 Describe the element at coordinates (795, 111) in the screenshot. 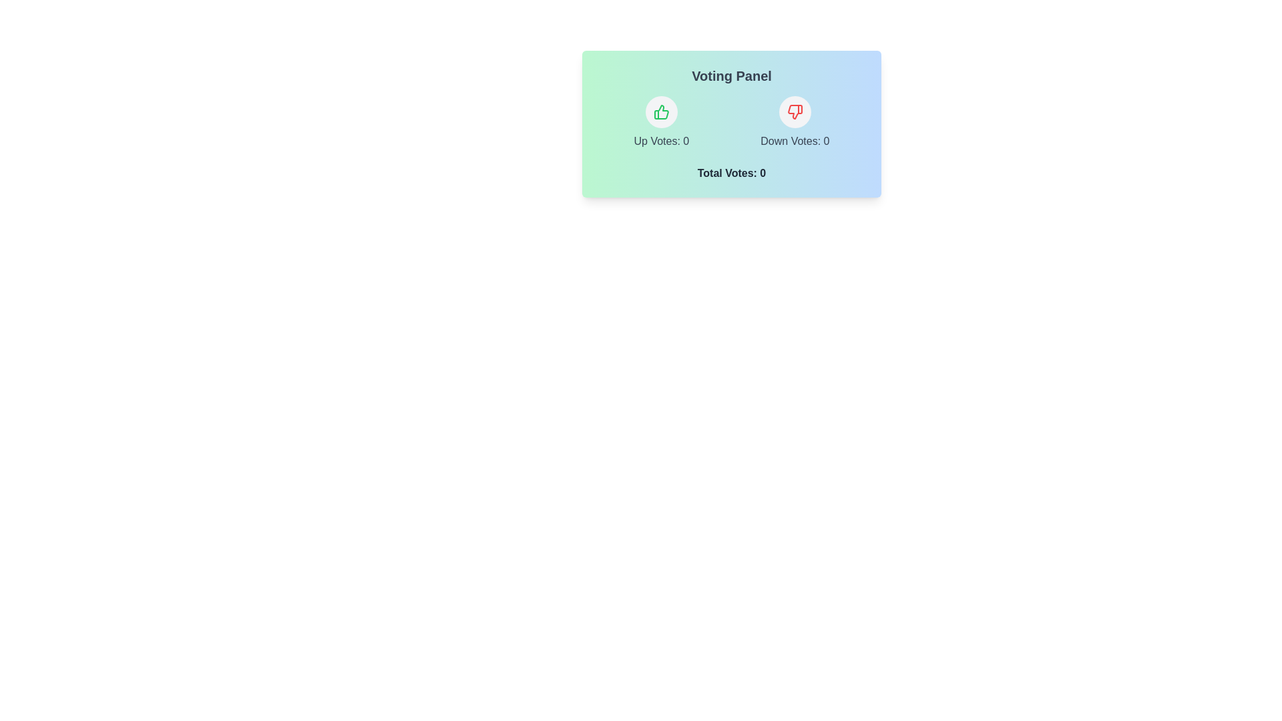

I see `the red thumbs-down icon indicating negative voting or disapproval functionality, located adjacent to 'Down Votes: 0'` at that location.